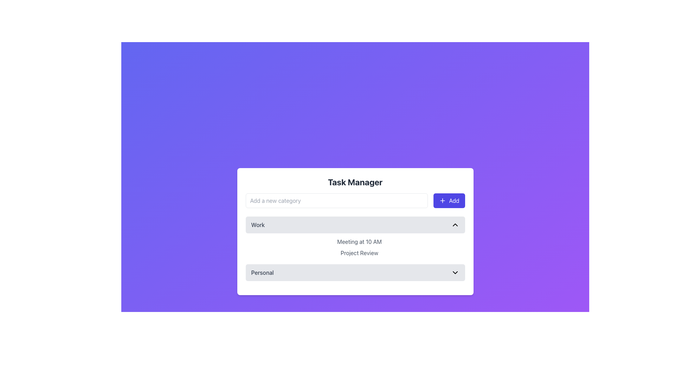 The image size is (675, 379). Describe the element at coordinates (442, 200) in the screenshot. I see `the 'Add' button containing the SVG Icon that signifies an add operation, located in the header section of the 'Task Manager' interface` at that location.